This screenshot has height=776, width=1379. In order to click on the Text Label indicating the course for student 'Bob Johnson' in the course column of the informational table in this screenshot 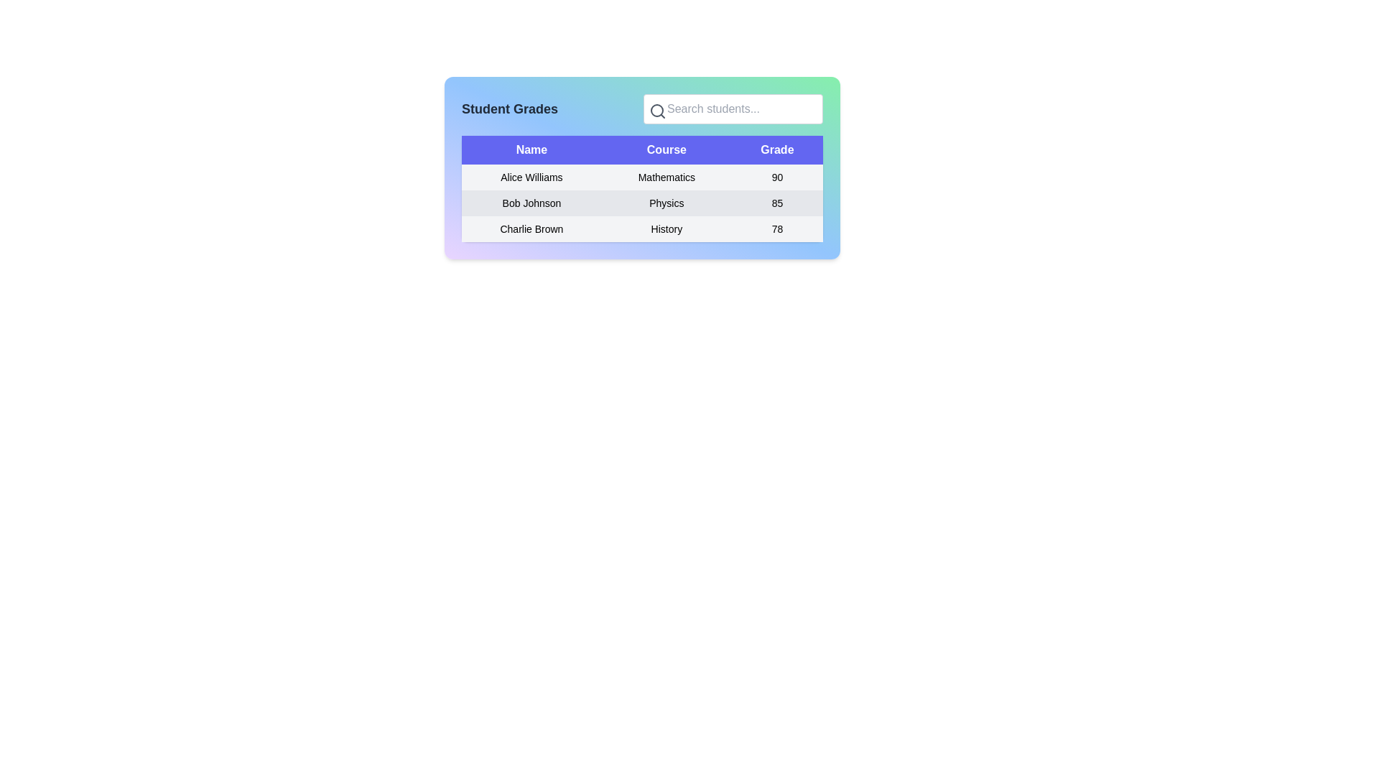, I will do `click(666, 203)`.